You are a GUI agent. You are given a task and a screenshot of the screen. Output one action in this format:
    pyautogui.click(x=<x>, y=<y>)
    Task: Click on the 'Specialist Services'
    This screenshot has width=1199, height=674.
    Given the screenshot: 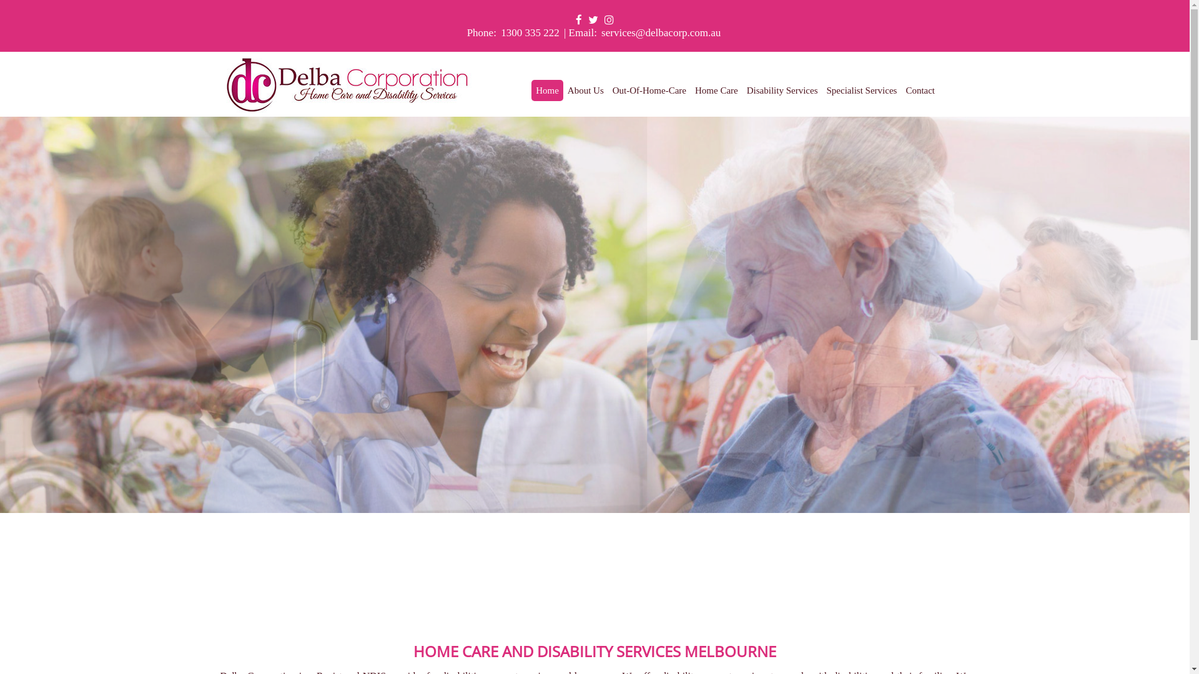 What is the action you would take?
    pyautogui.click(x=861, y=90)
    